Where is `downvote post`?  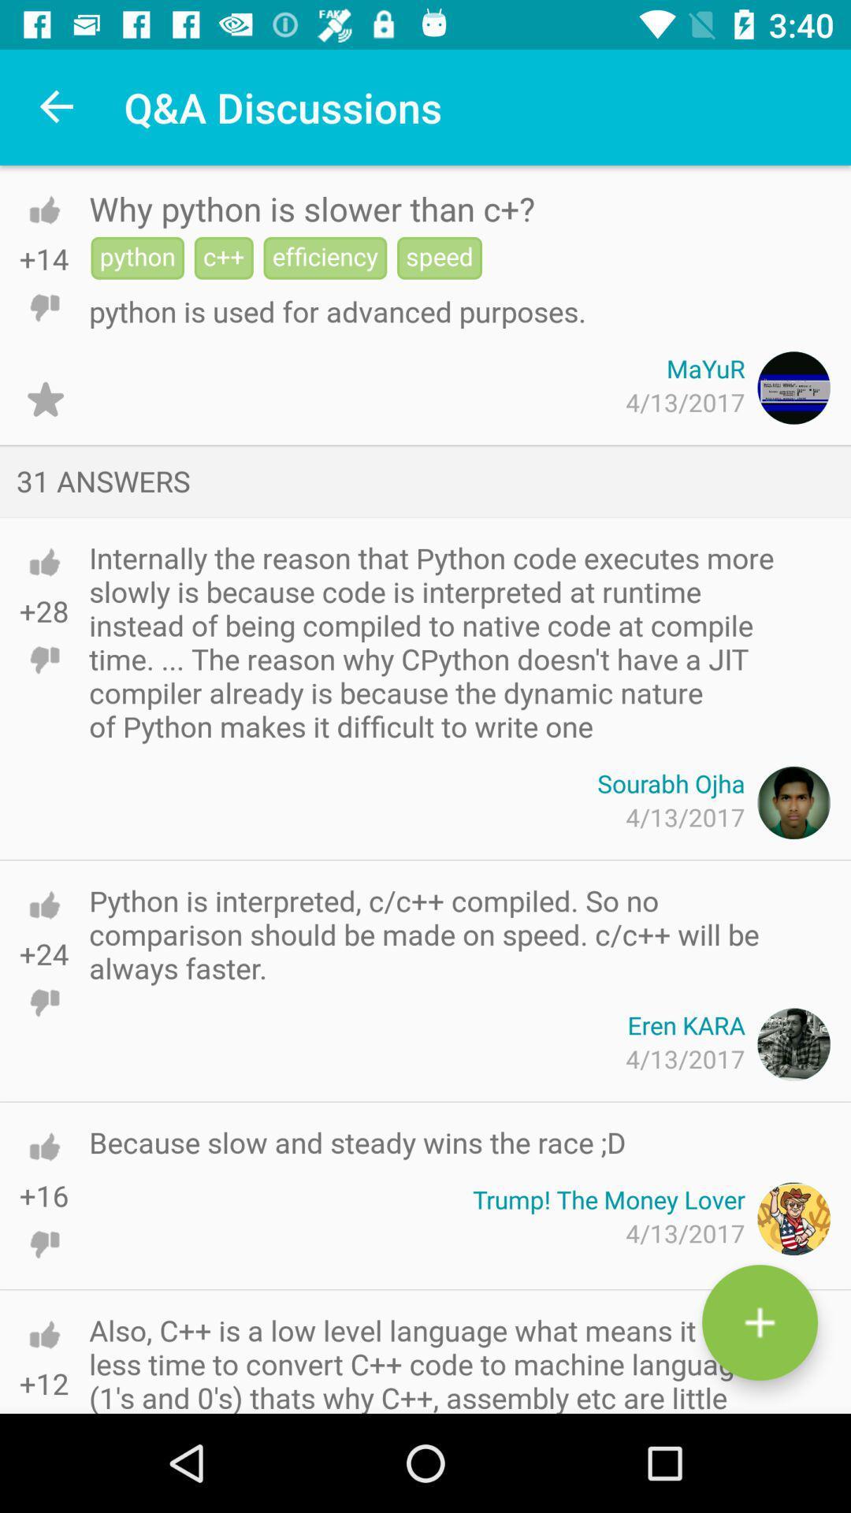 downvote post is located at coordinates (43, 307).